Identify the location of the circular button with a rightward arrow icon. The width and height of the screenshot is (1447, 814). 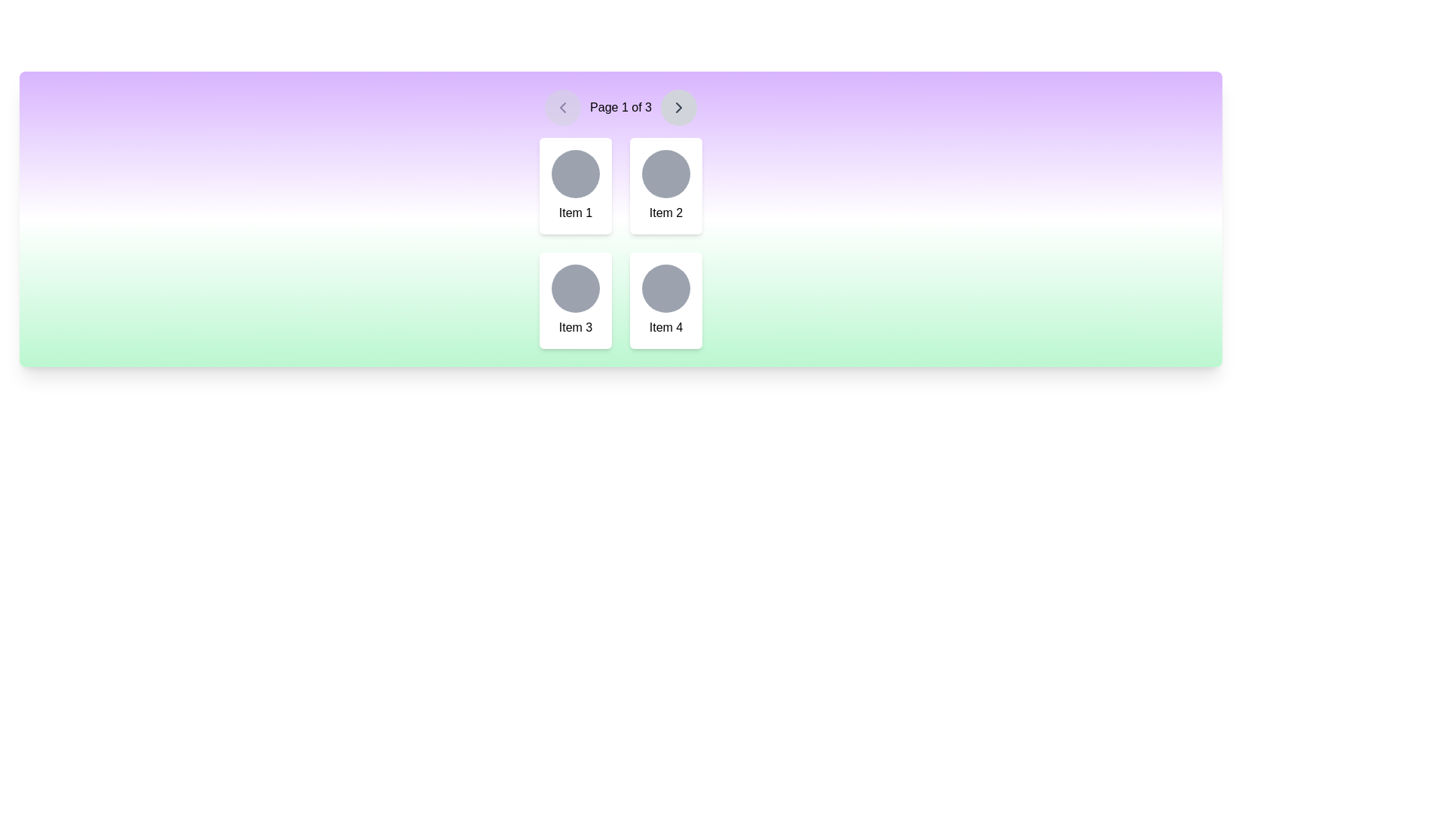
(678, 106).